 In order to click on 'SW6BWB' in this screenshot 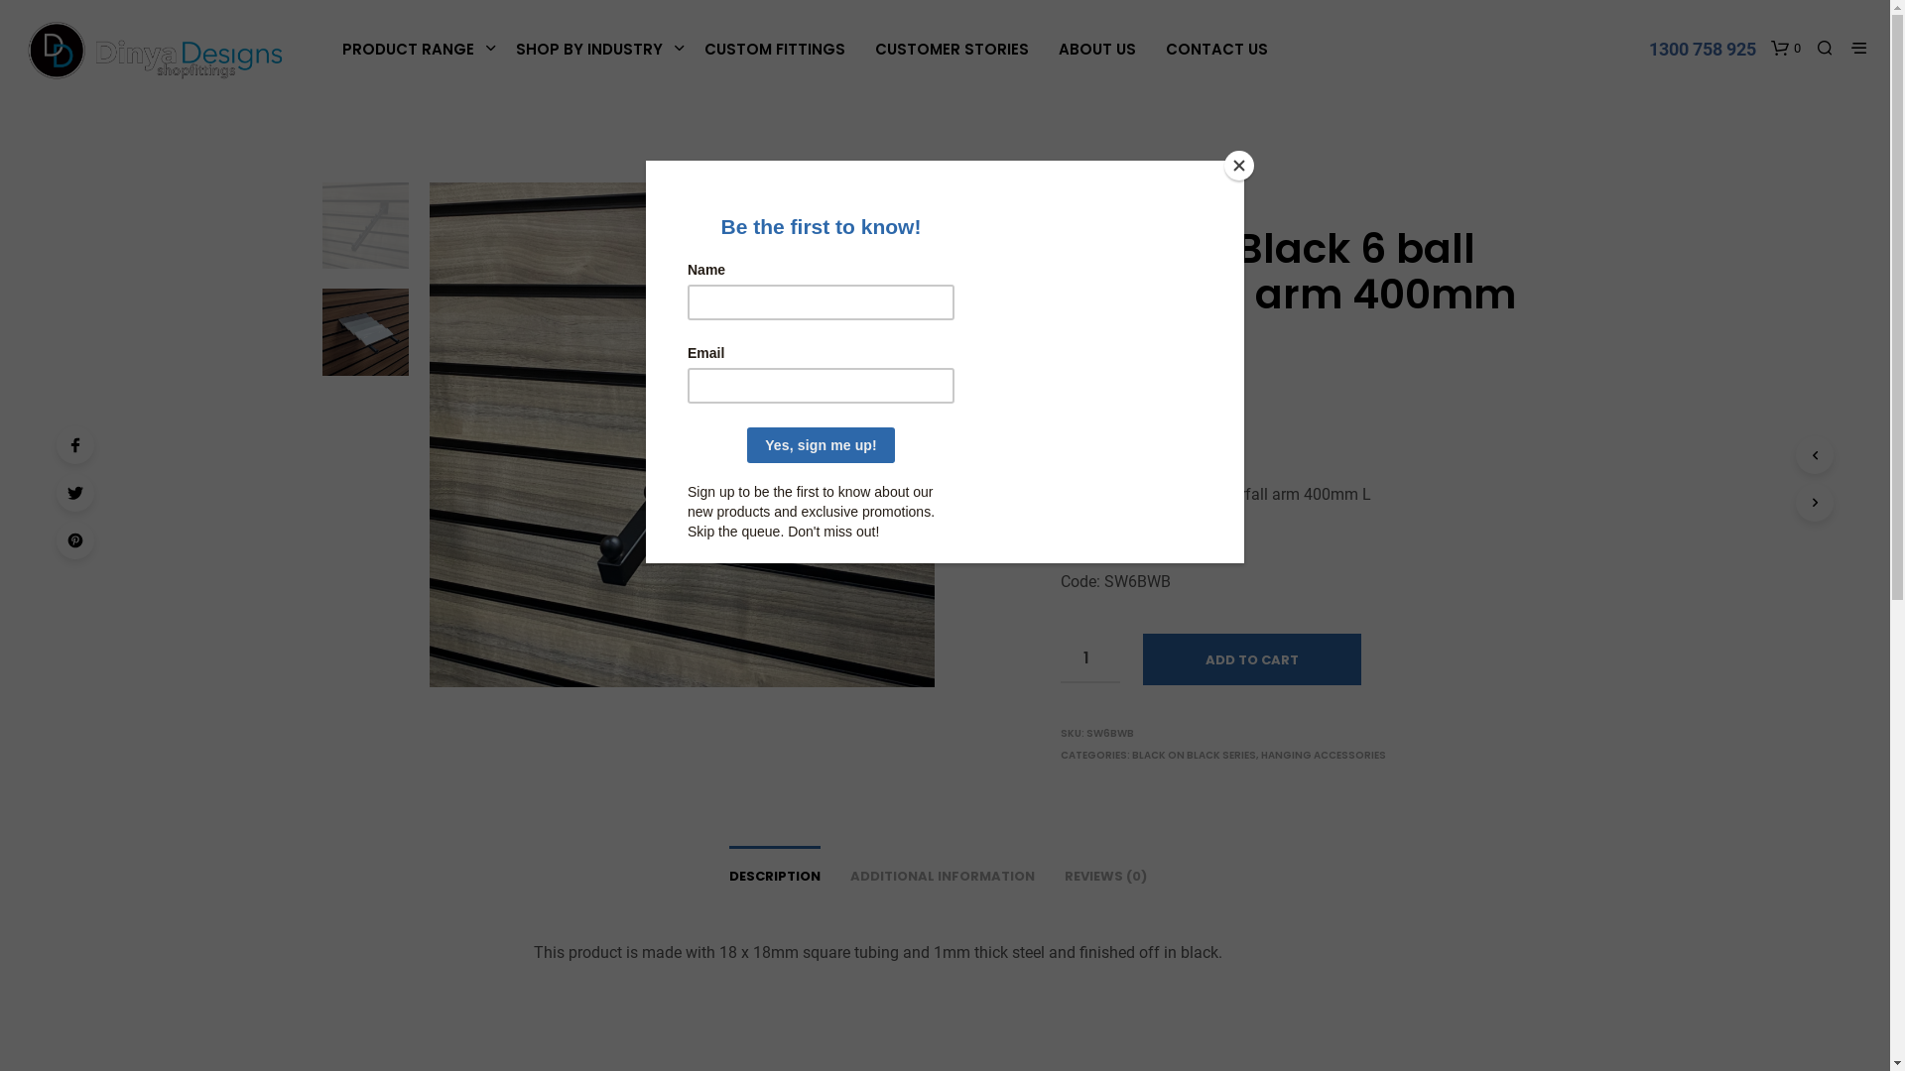, I will do `click(681, 433)`.